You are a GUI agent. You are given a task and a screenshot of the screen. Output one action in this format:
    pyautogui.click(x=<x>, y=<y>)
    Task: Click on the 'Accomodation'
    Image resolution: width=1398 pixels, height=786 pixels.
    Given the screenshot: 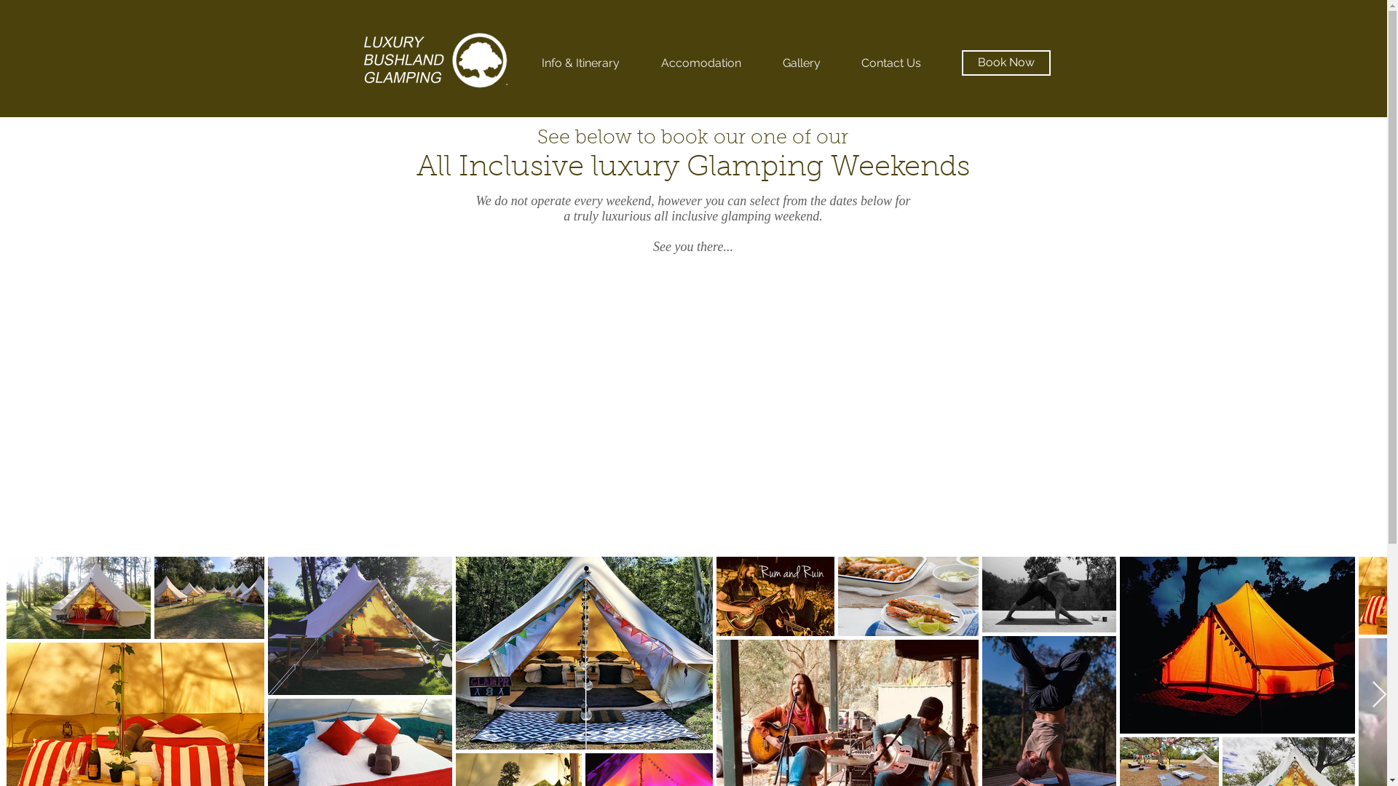 What is the action you would take?
    pyautogui.click(x=701, y=63)
    